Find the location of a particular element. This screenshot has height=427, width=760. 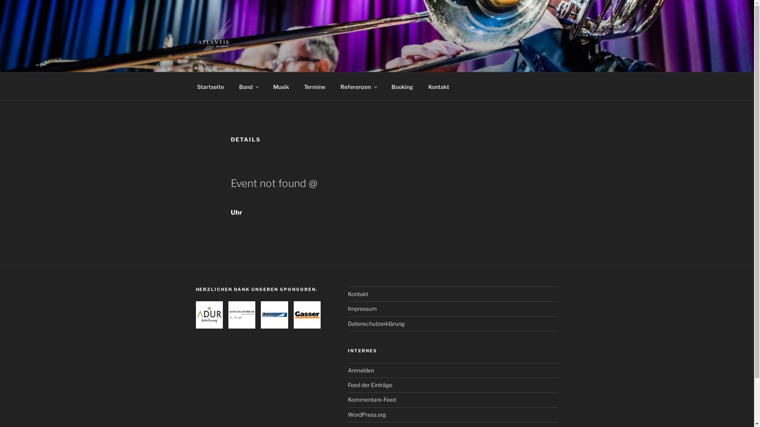

'WordPress.org' is located at coordinates (366, 414).